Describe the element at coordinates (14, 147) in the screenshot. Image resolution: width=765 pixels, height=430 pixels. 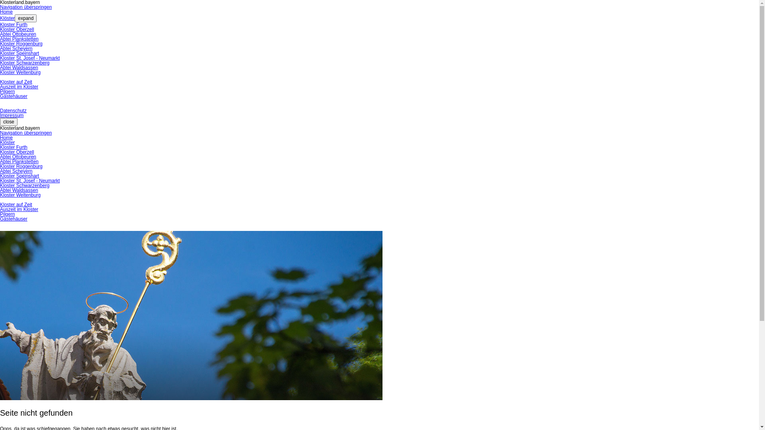
I see `'Kloster Furth'` at that location.